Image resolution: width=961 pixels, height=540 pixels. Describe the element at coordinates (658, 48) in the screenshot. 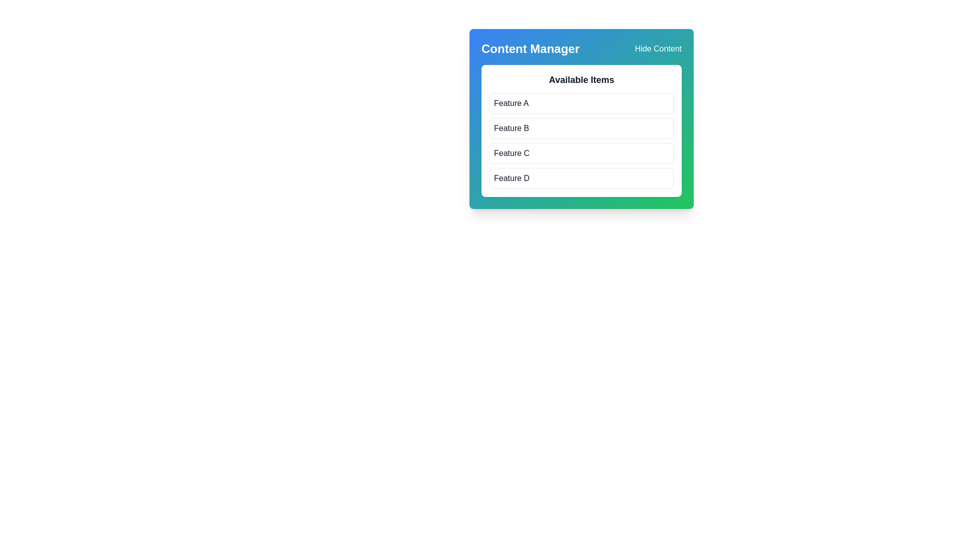

I see `the interactive hyperlink located in the top-right corner adjacent to the 'Content Manager' header` at that location.